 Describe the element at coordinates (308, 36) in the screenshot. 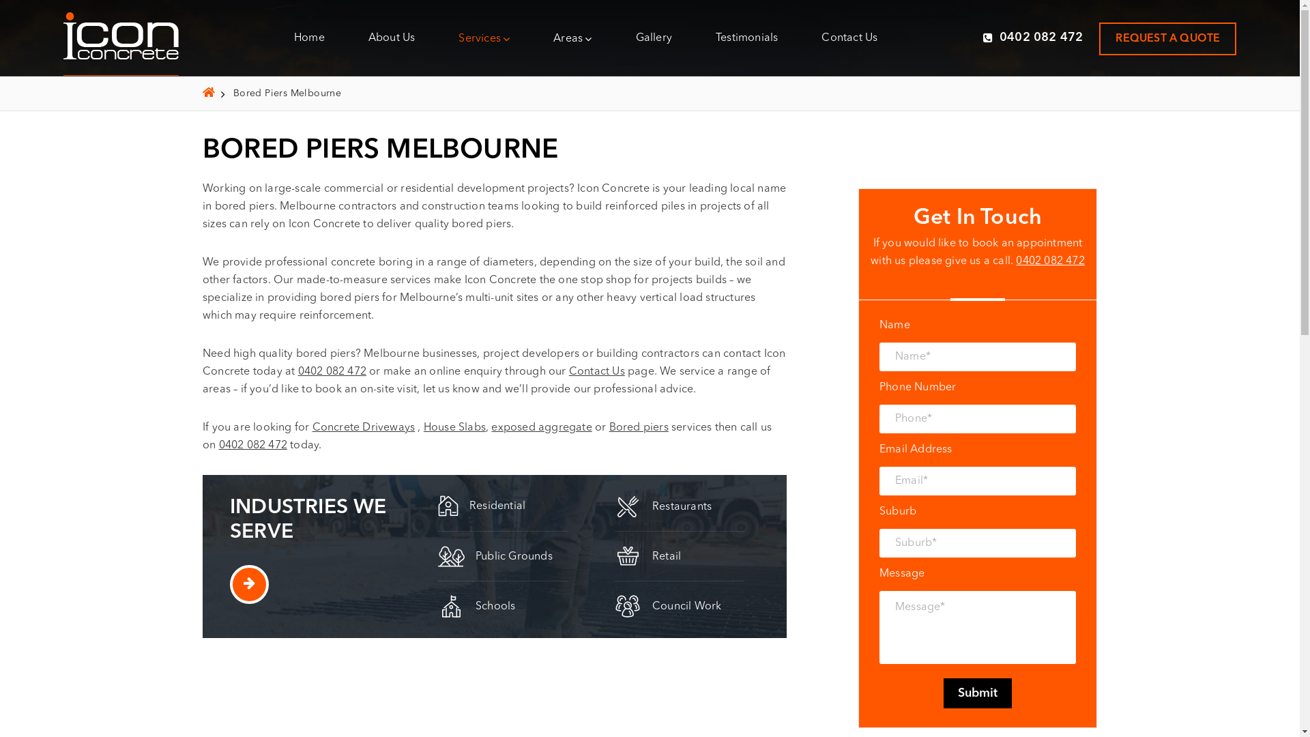

I see `'Home'` at that location.